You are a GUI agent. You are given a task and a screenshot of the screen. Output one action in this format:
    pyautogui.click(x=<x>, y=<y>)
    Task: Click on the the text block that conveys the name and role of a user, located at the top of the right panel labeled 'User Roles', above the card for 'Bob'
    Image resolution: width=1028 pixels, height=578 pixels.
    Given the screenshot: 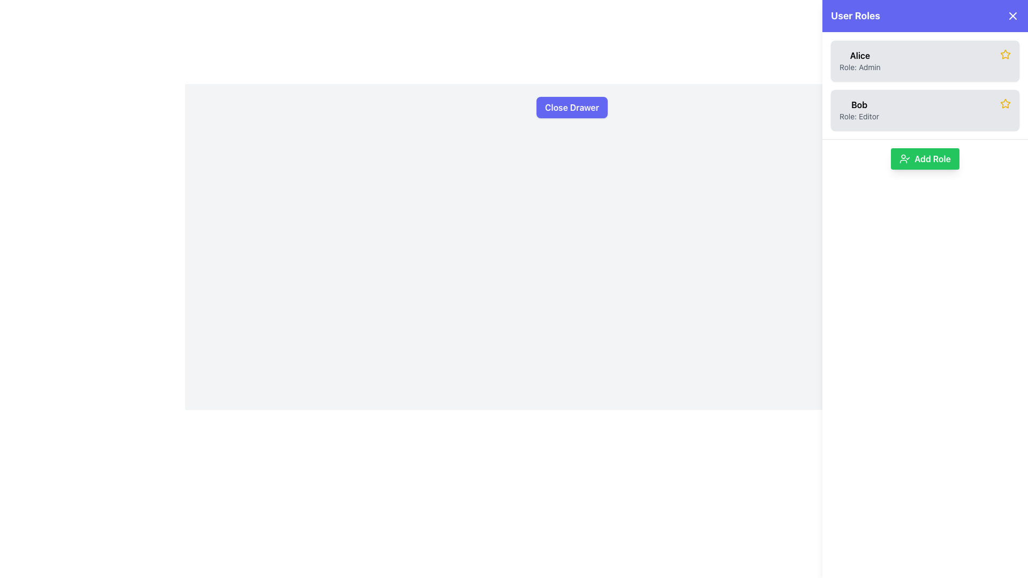 What is the action you would take?
    pyautogui.click(x=860, y=61)
    